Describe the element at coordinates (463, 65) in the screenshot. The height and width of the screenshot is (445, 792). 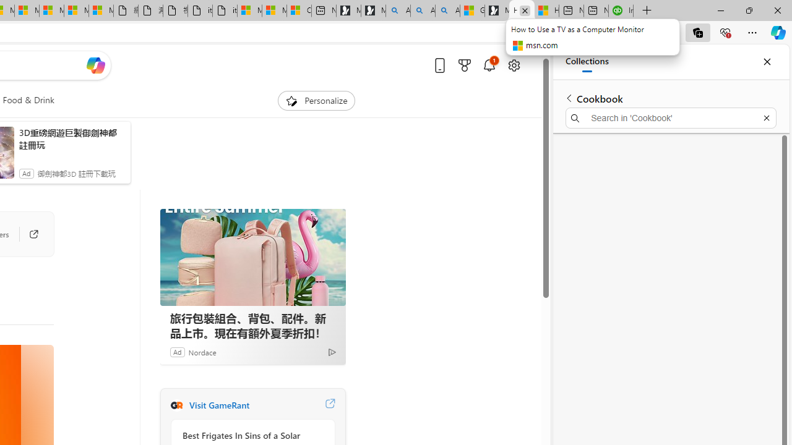
I see `'Microsoft rewards'` at that location.